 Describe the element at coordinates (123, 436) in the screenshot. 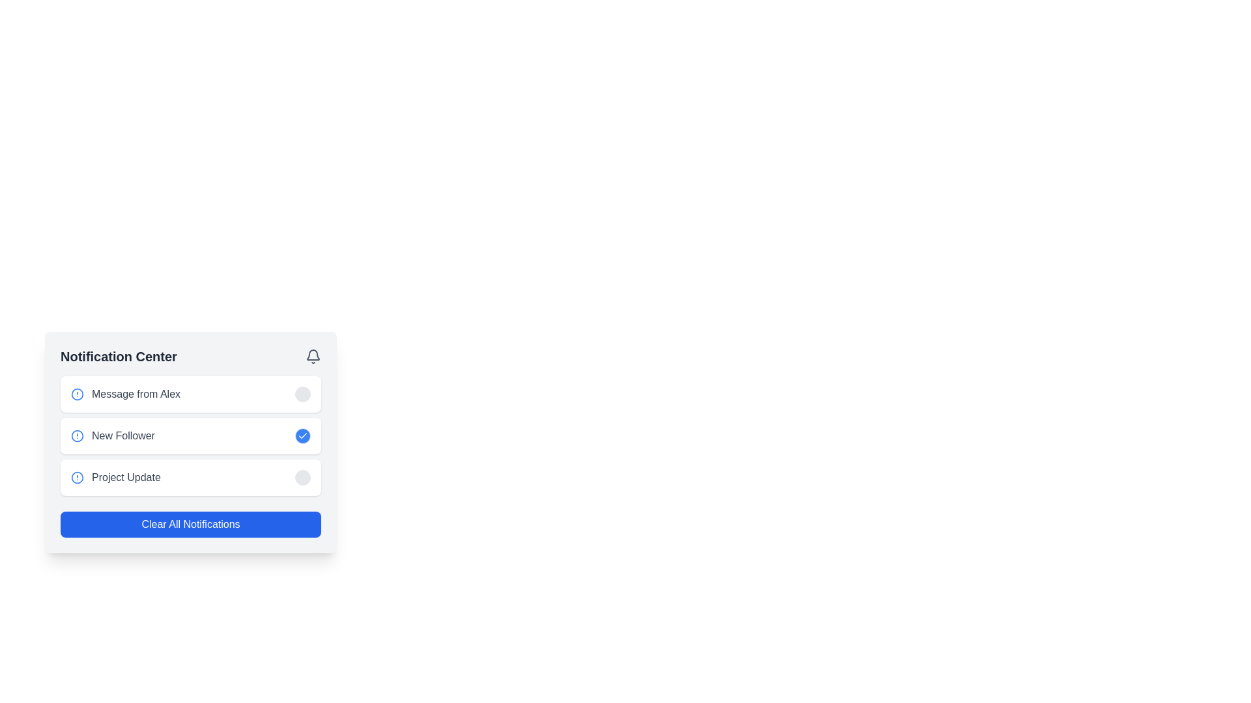

I see `text notification about a new follower, which is located in the second row of the notification panel, positioned to the right of an information icon and to the left of a circular checkbox indicator` at that location.